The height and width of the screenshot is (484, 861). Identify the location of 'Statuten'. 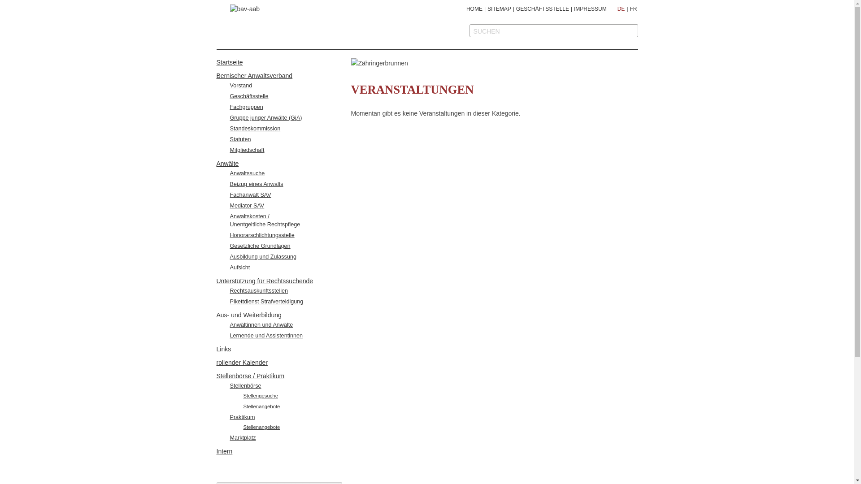
(240, 139).